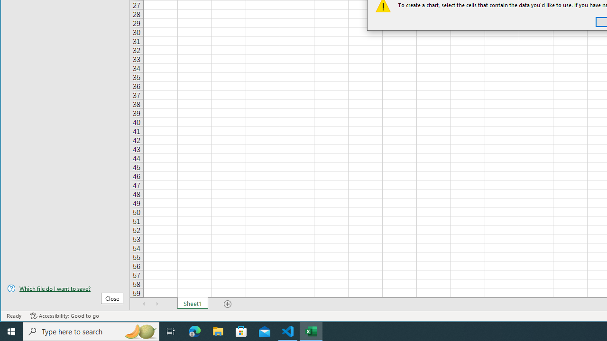  What do you see at coordinates (228, 304) in the screenshot?
I see `'Add Sheet'` at bounding box center [228, 304].